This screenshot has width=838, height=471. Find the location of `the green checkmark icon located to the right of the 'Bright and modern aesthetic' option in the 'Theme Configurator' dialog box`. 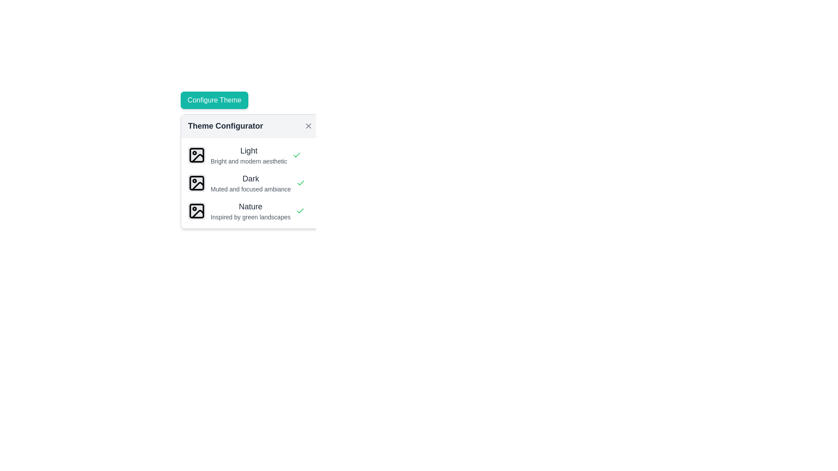

the green checkmark icon located to the right of the 'Bright and modern aesthetic' option in the 'Theme Configurator' dialog box is located at coordinates (296, 154).